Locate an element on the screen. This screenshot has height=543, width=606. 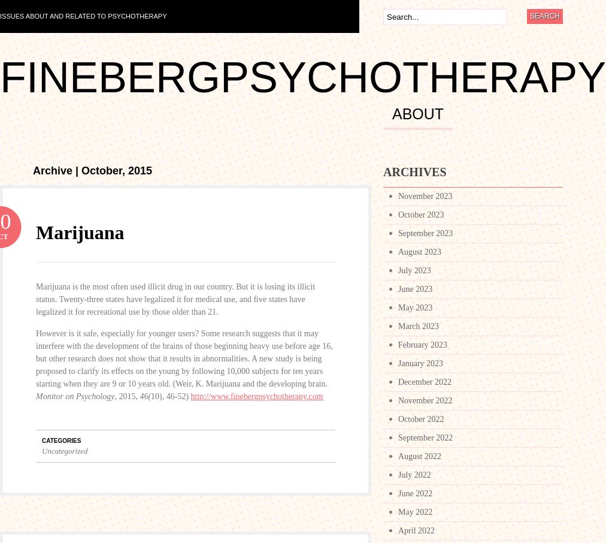
'November 2023' is located at coordinates (425, 196).